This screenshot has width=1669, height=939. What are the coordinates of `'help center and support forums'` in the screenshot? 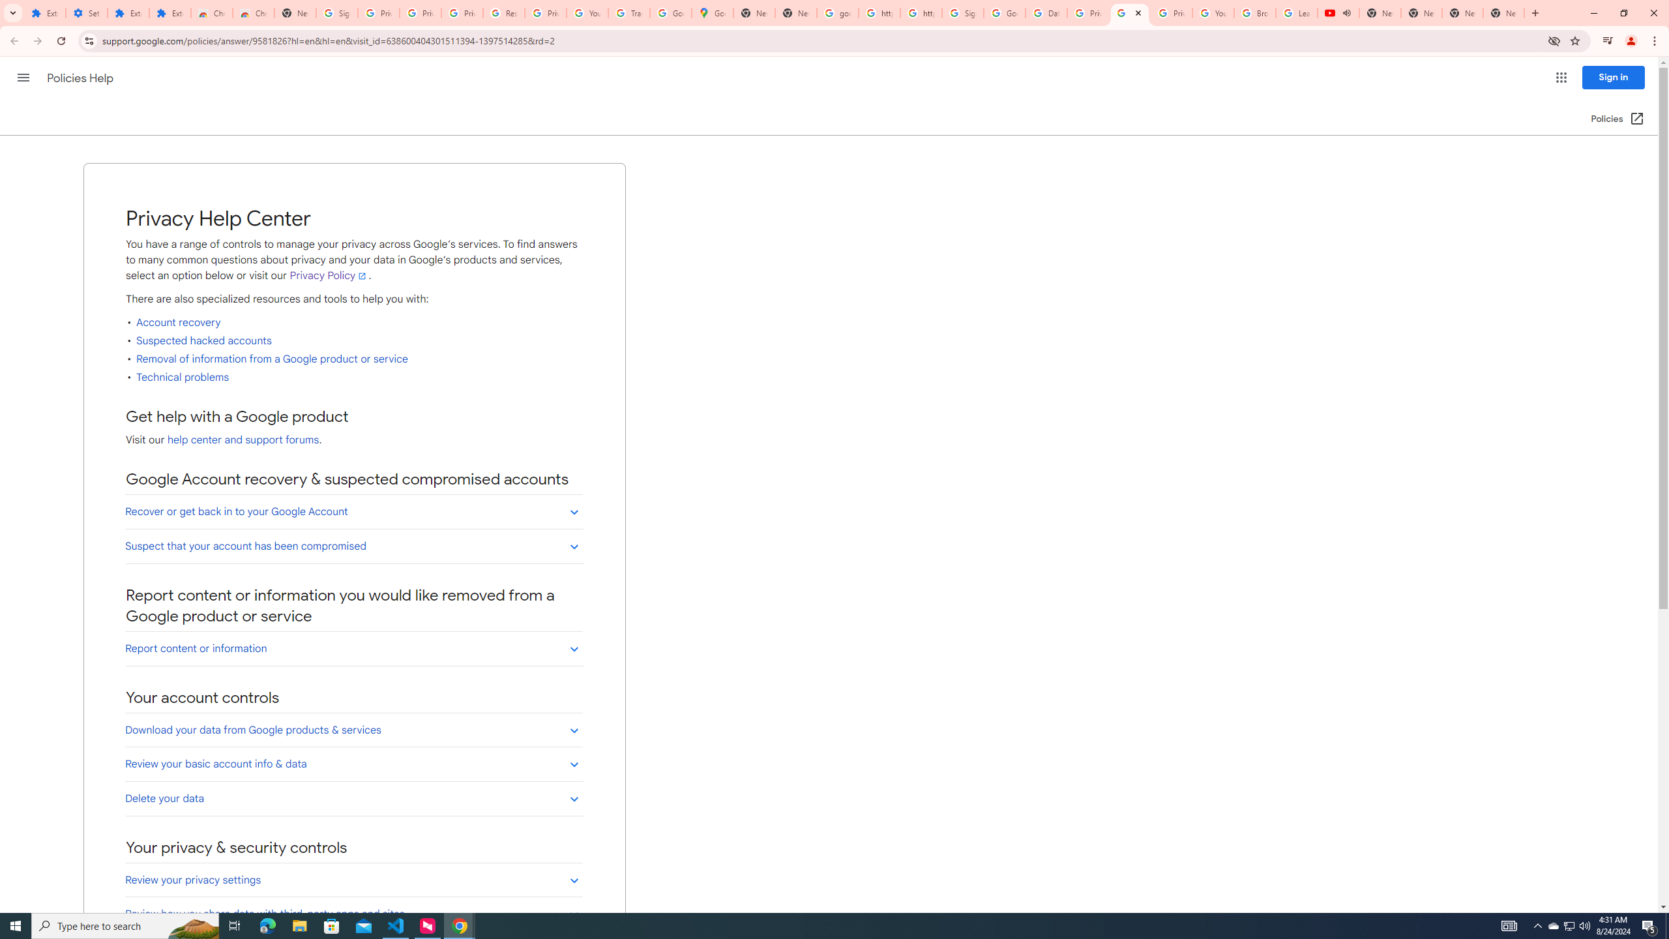 It's located at (242, 440).